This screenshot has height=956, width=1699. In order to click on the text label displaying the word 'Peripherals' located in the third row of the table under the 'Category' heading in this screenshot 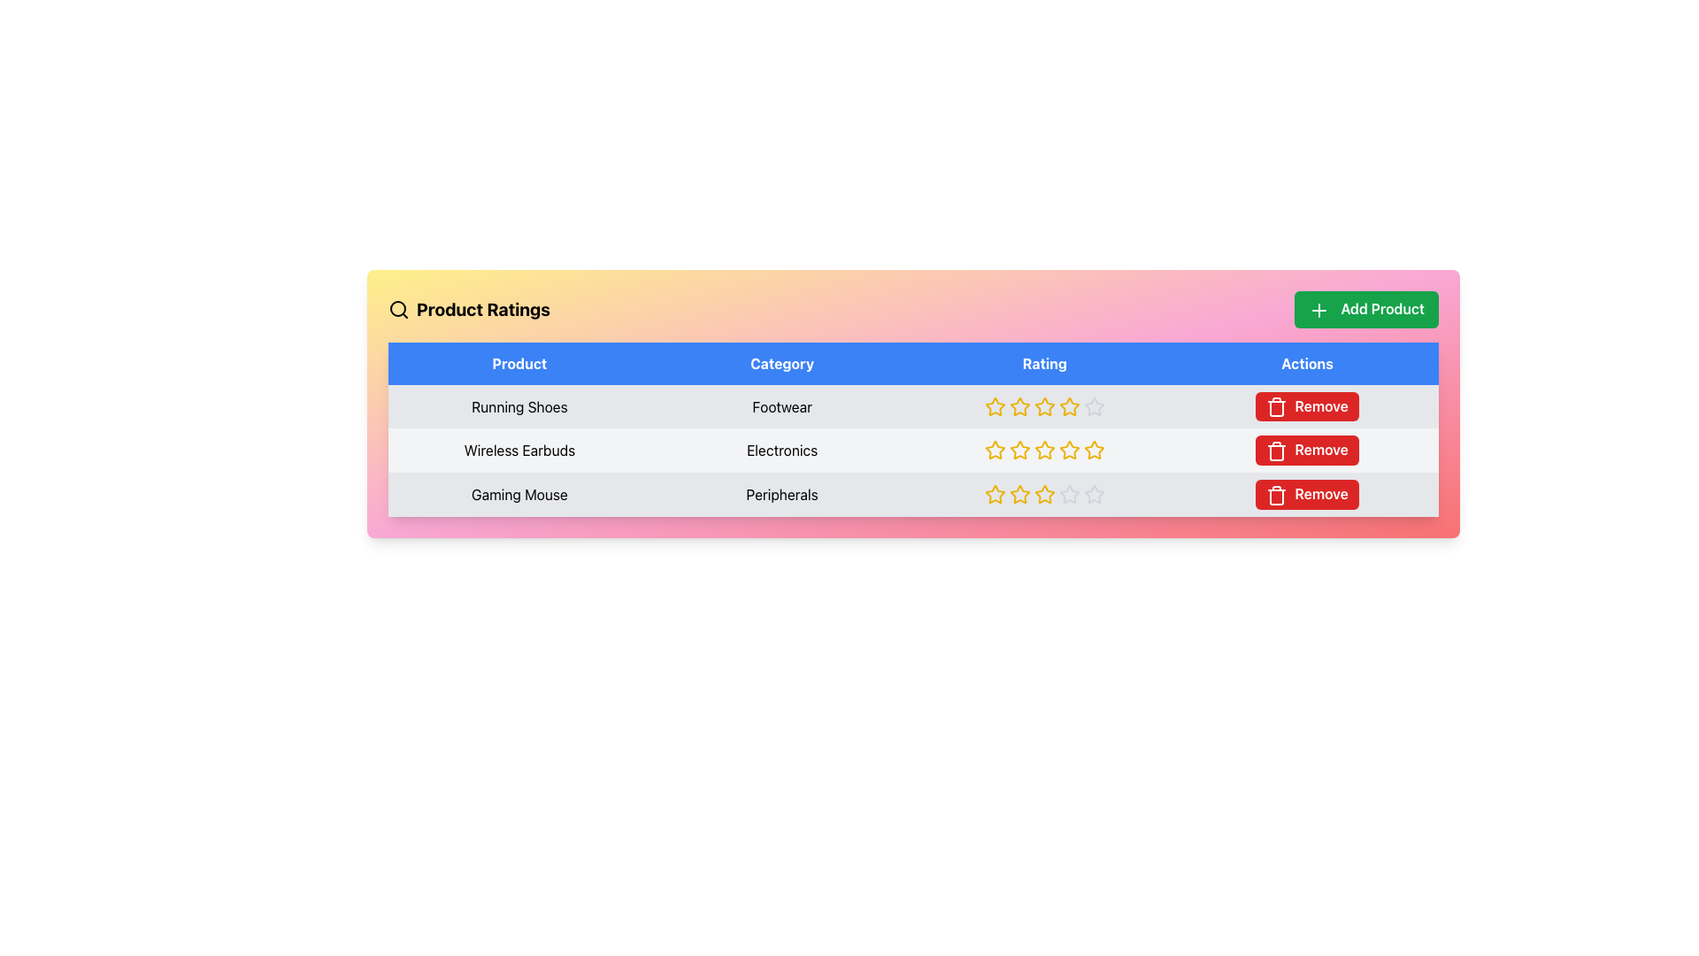, I will do `click(781, 495)`.